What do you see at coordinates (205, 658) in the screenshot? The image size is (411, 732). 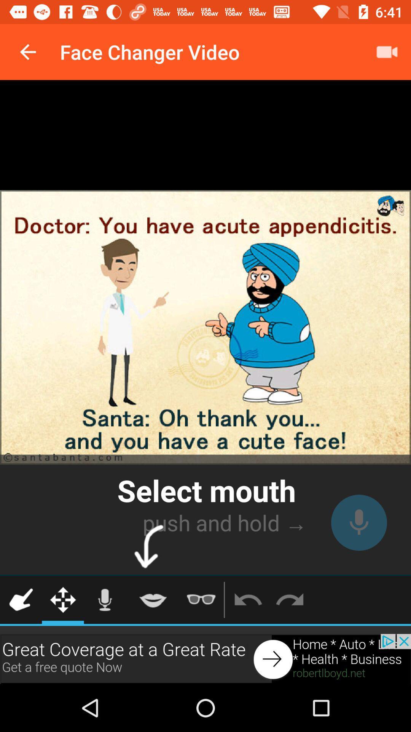 I see `advertisement` at bounding box center [205, 658].